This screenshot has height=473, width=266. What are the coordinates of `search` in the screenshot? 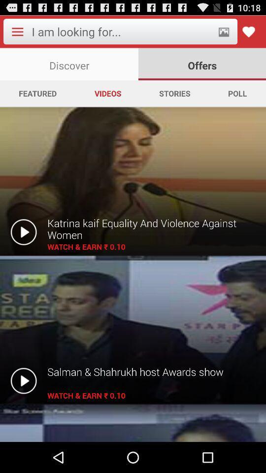 It's located at (122, 32).